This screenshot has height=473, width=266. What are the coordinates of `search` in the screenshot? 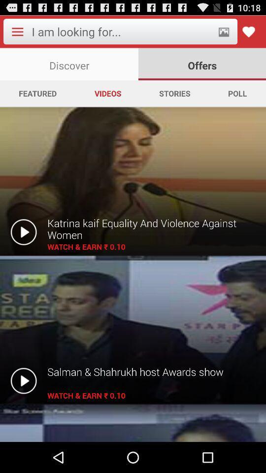 It's located at (122, 32).